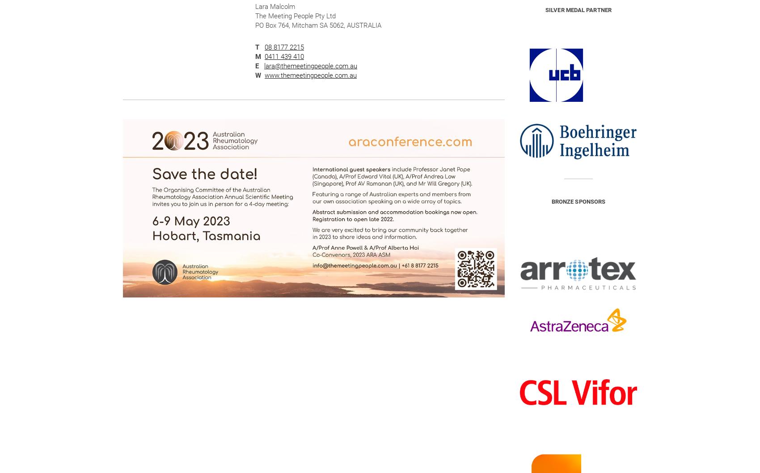 The height and width of the screenshot is (473, 760). Describe the element at coordinates (317, 25) in the screenshot. I see `'PO Box 764, Mitcham SA 5062, AUSTRALIA'` at that location.